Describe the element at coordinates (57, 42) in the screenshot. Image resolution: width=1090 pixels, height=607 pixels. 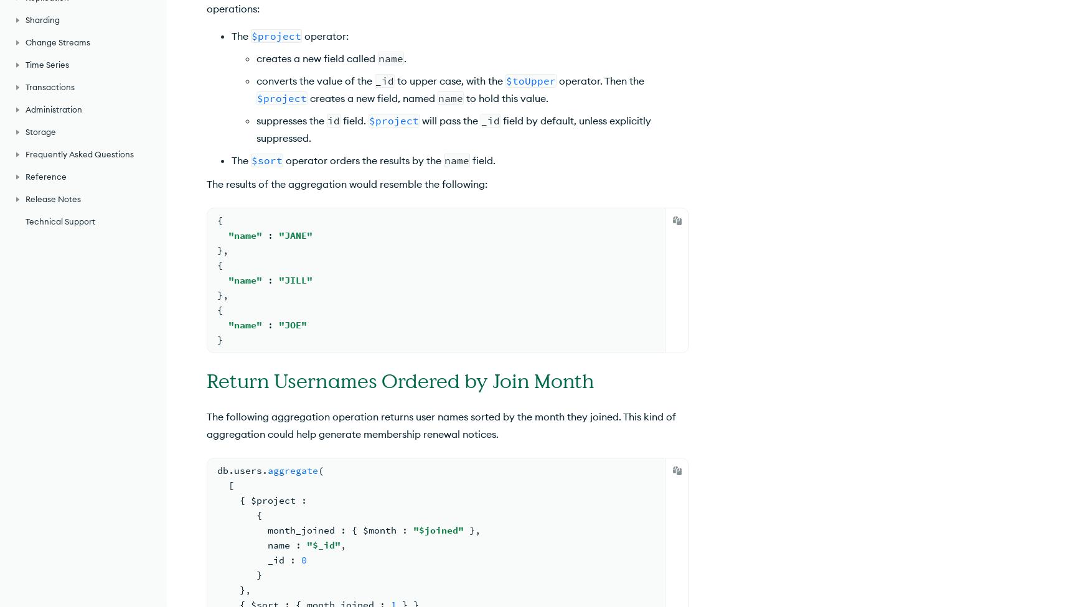
I see `'Change Streams'` at that location.